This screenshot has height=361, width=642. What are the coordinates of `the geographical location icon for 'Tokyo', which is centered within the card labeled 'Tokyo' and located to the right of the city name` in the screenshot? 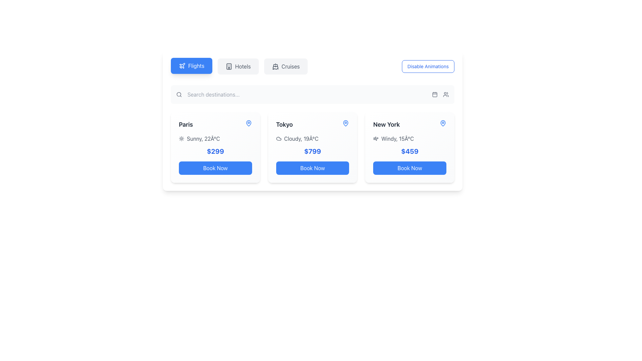 It's located at (346, 123).